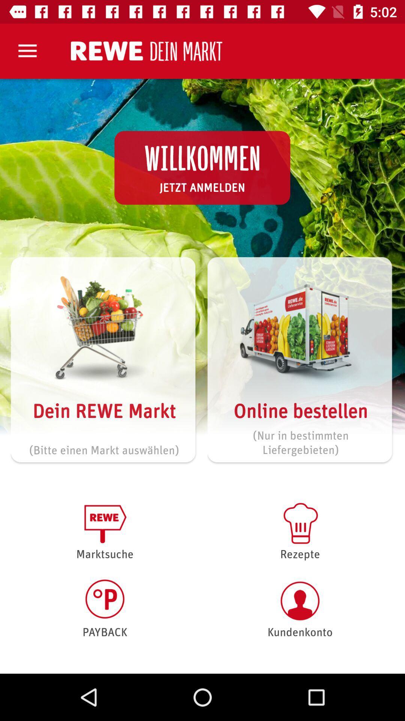  What do you see at coordinates (105, 530) in the screenshot?
I see `marktsuche item` at bounding box center [105, 530].